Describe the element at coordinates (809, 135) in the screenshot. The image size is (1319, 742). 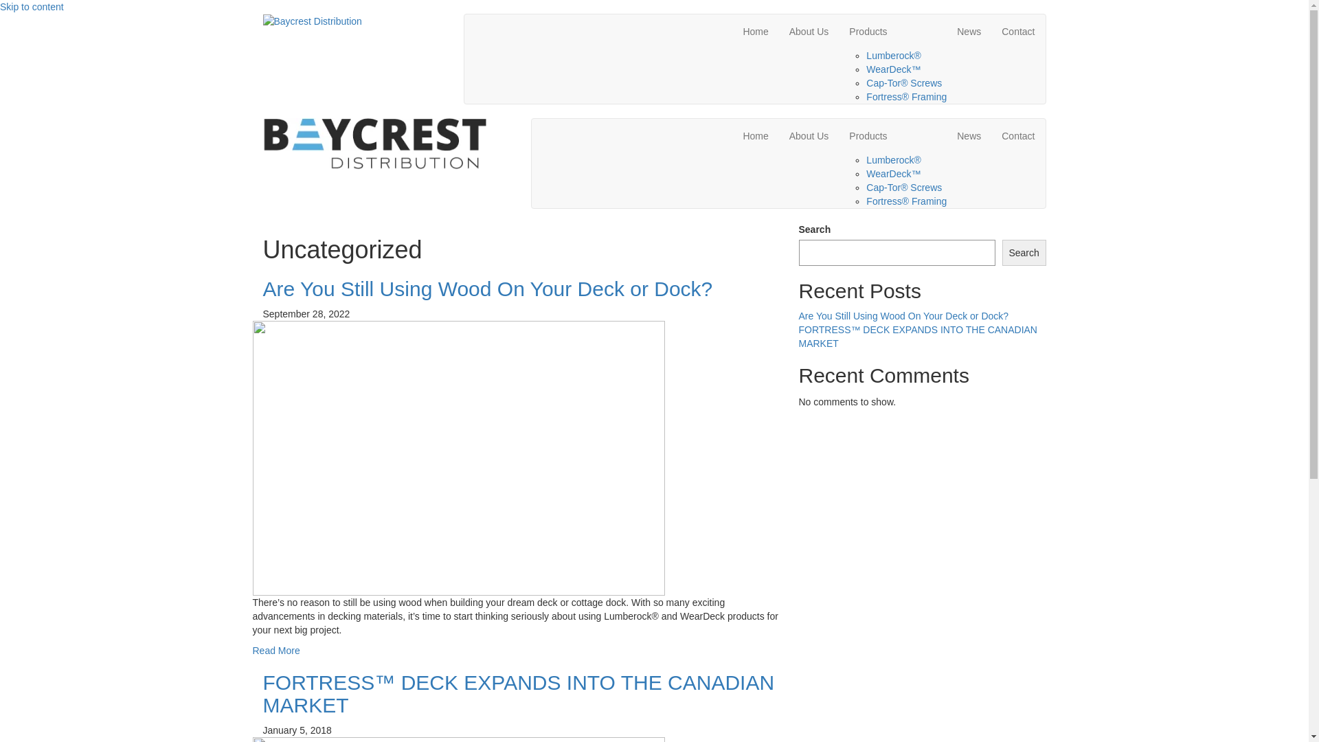
I see `'About Us'` at that location.